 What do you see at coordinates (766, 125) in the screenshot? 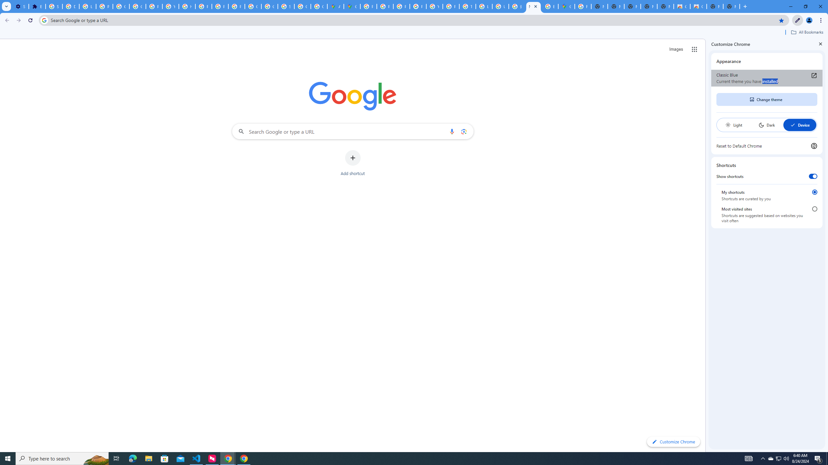
I see `'Dark'` at bounding box center [766, 125].